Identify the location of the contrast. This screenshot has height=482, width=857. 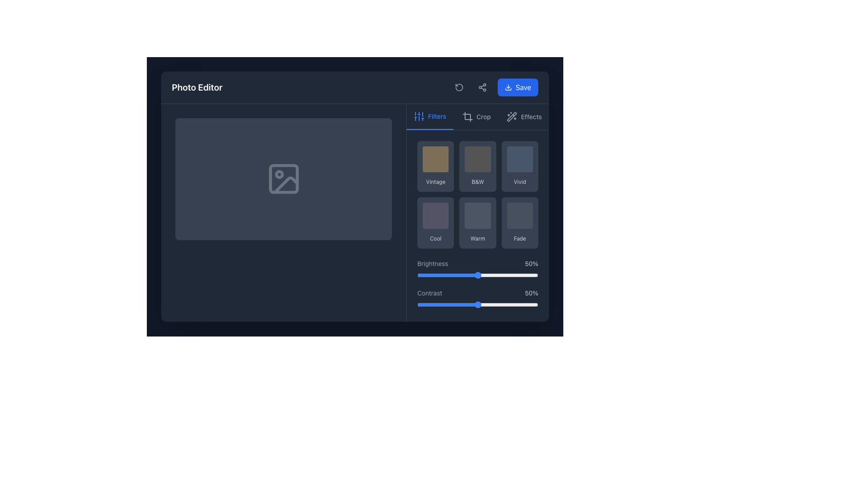
(516, 304).